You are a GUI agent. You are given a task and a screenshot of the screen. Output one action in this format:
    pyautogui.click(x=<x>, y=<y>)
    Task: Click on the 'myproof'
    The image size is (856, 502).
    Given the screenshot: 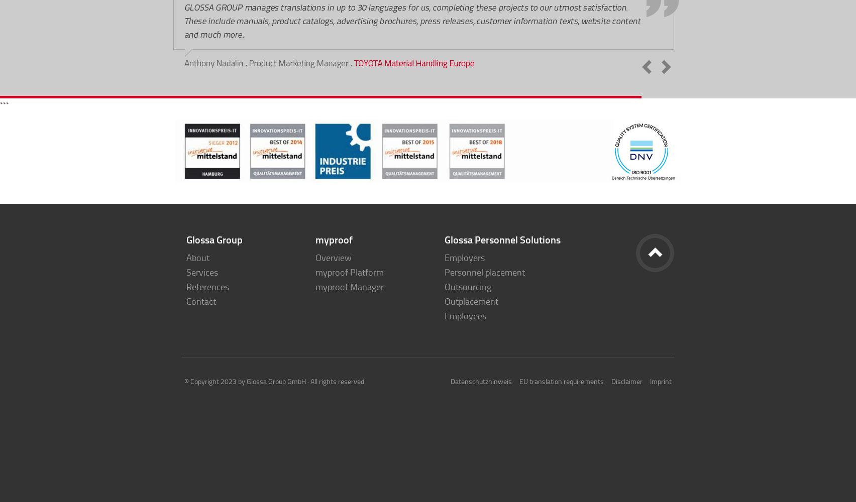 What is the action you would take?
    pyautogui.click(x=334, y=239)
    